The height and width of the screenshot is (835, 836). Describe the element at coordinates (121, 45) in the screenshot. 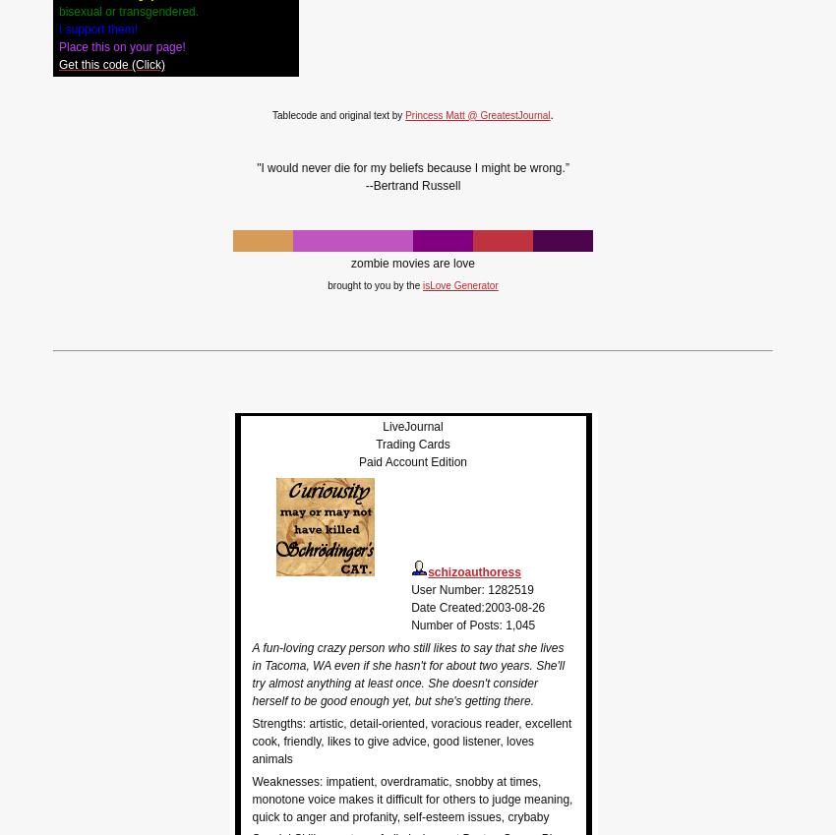

I see `'Place this on your page!'` at that location.